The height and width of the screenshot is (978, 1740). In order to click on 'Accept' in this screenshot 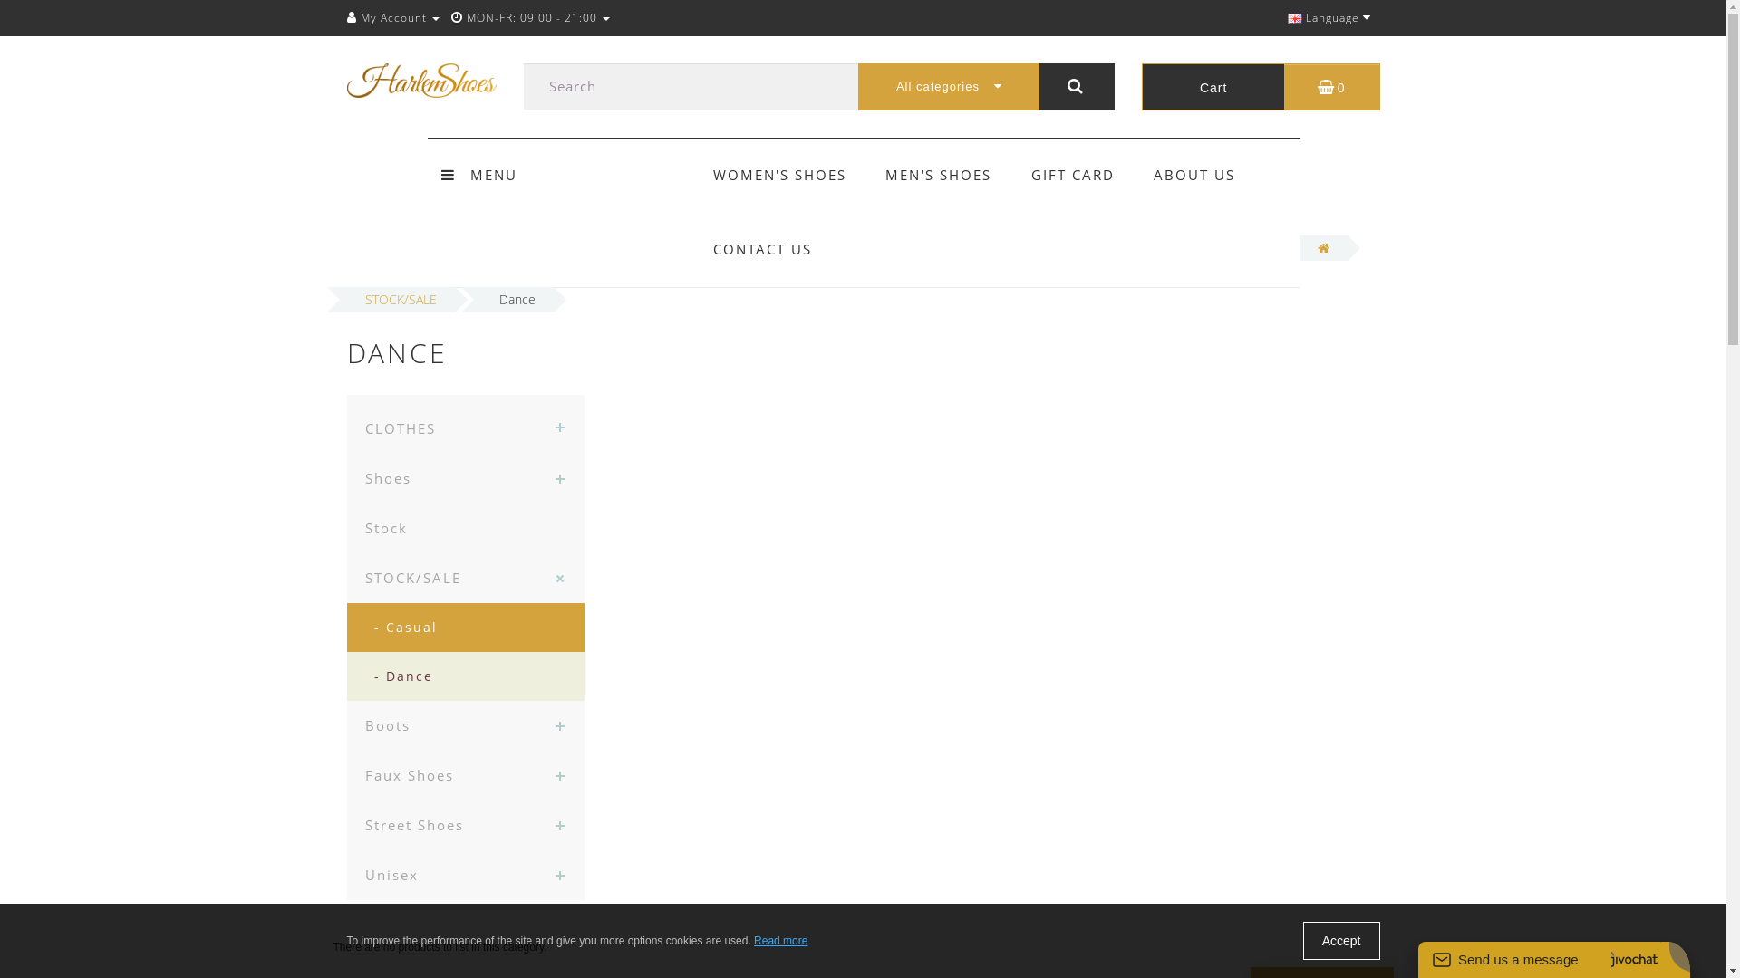, I will do `click(1341, 939)`.